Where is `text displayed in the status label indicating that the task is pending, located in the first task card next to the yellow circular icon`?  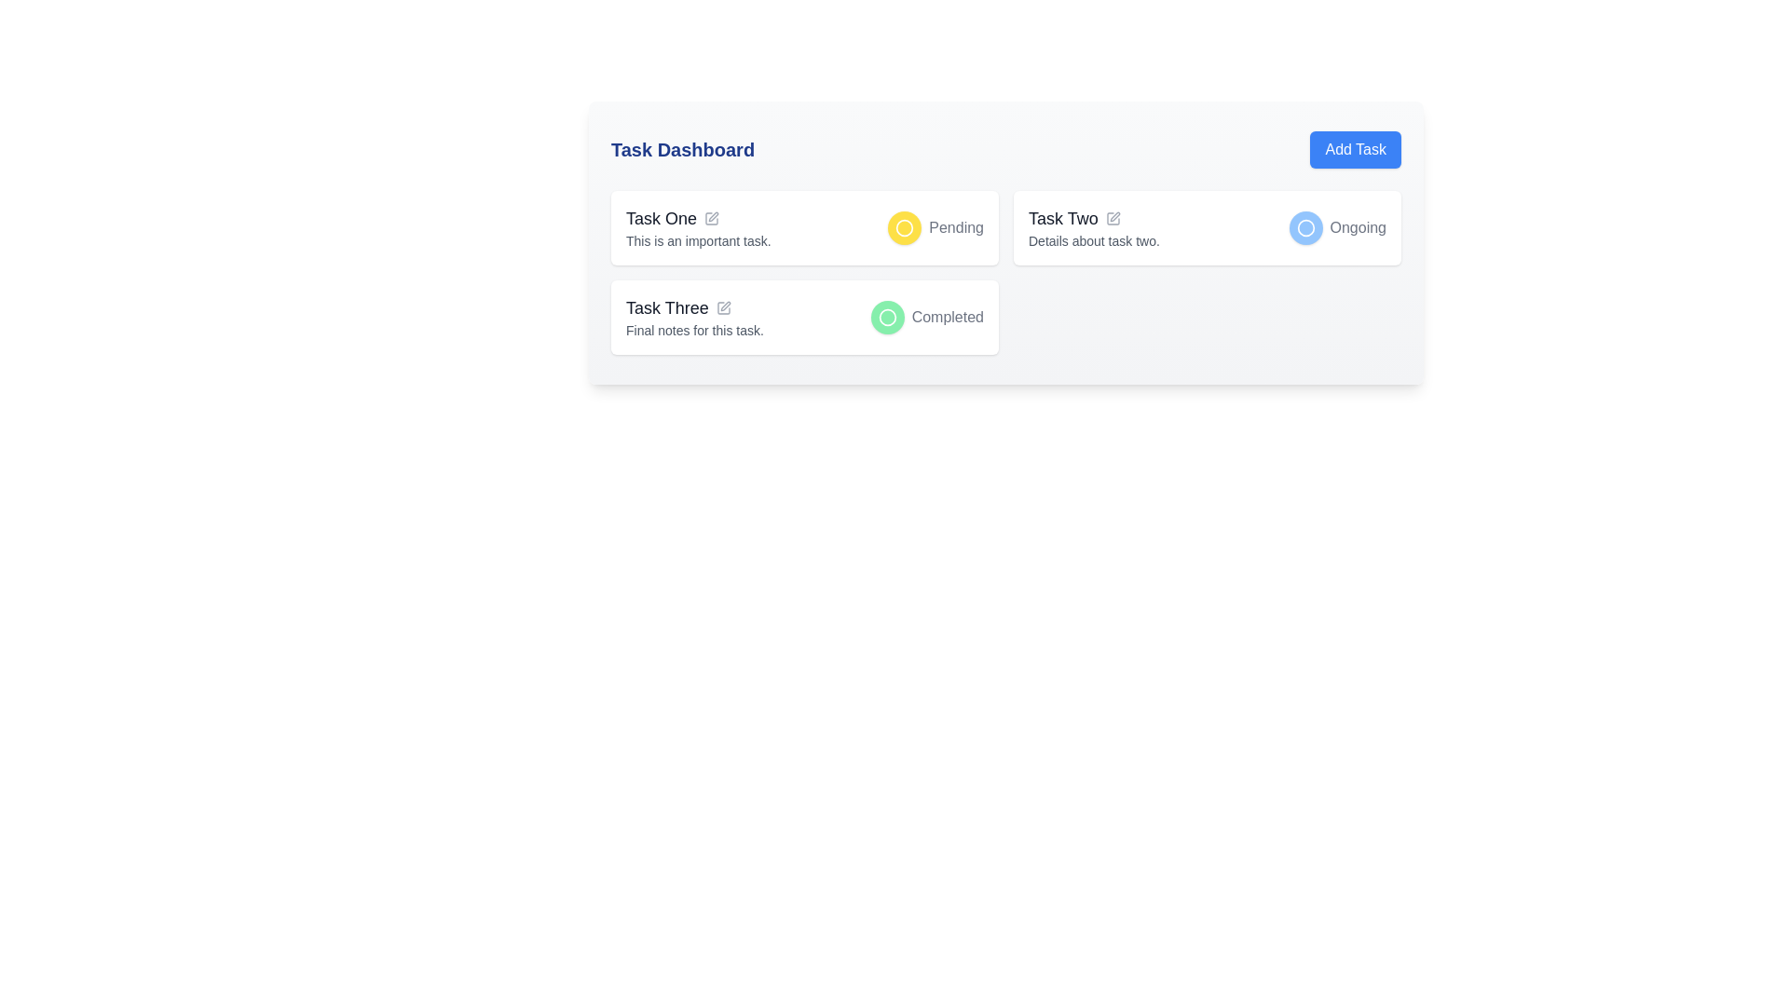 text displayed in the status label indicating that the task is pending, located in the first task card next to the yellow circular icon is located at coordinates (956, 227).